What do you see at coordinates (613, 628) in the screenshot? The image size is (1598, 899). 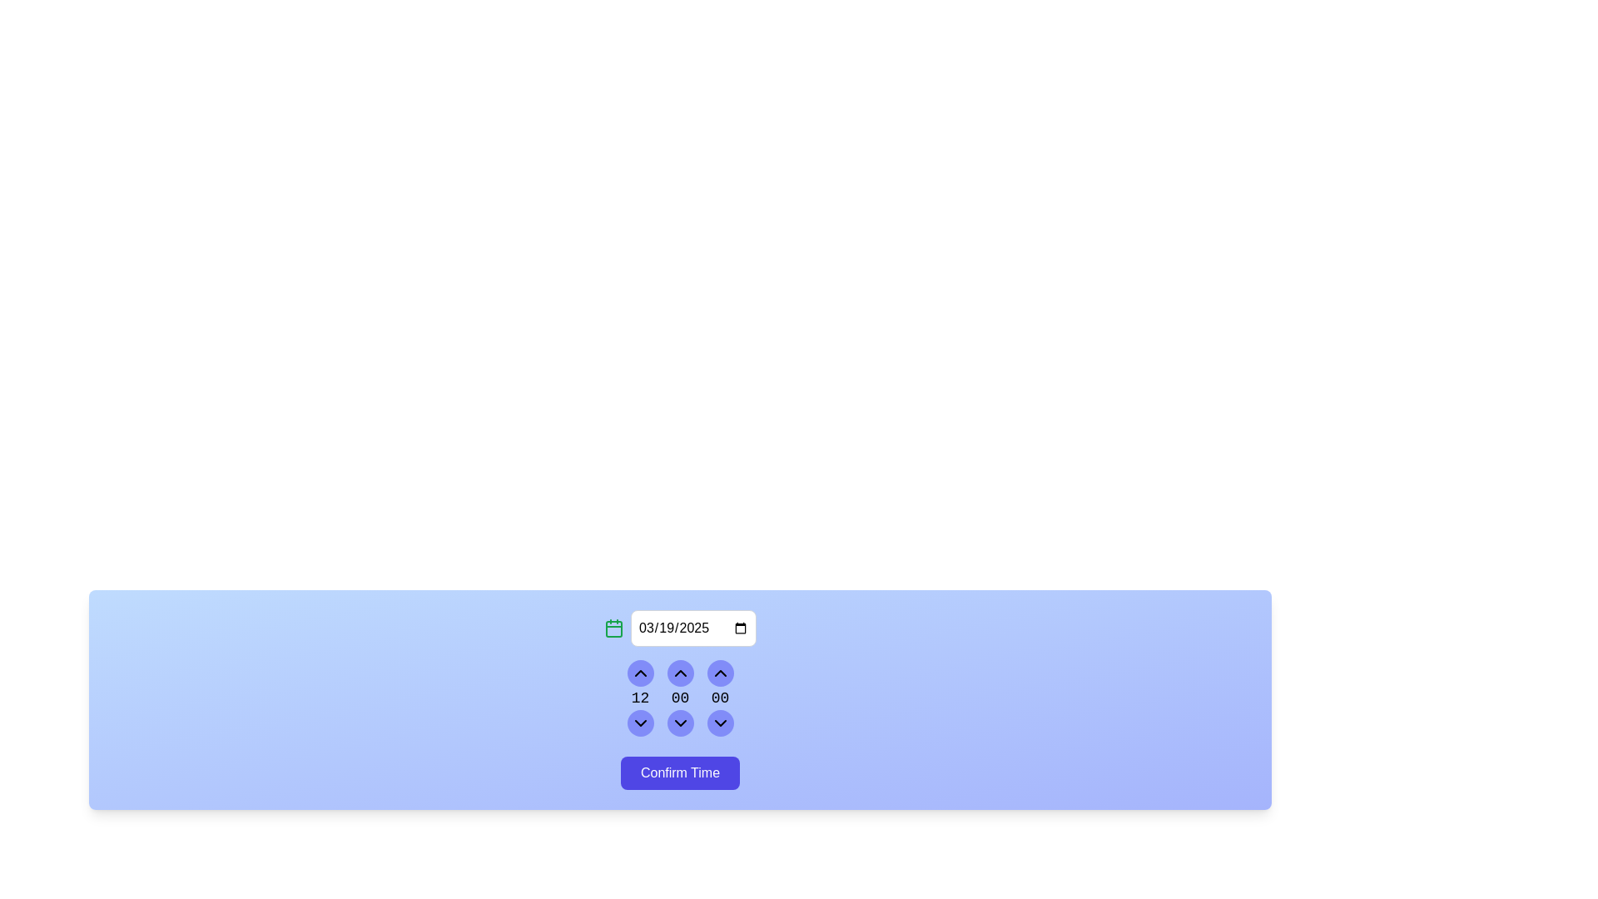 I see `the green square calendar icon located to the left of the date input field with the placeholder '03/19/2025'` at bounding box center [613, 628].